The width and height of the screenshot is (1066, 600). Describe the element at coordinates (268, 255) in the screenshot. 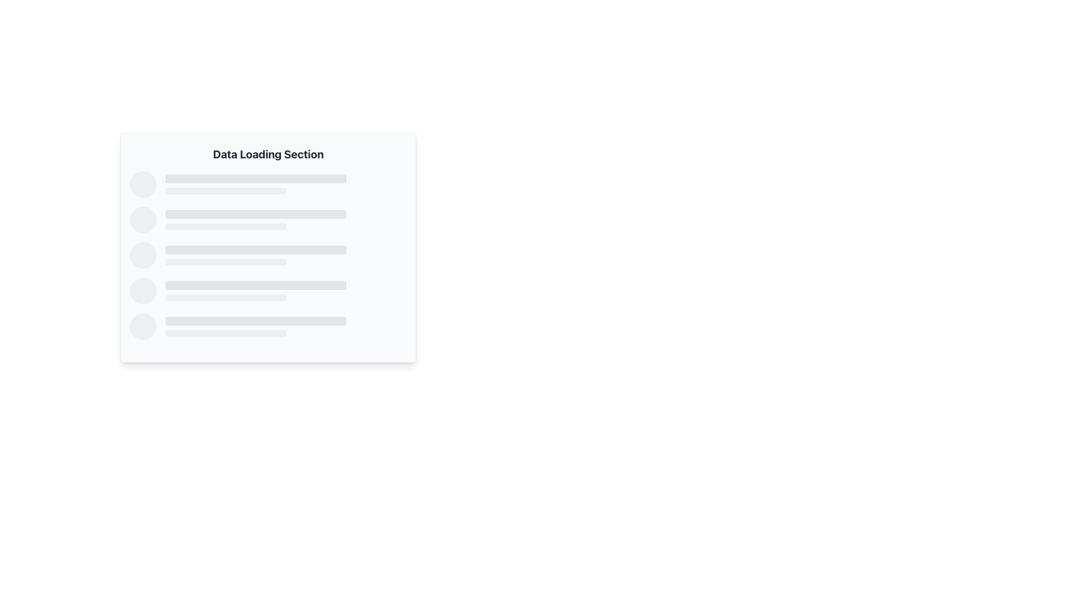

I see `the third item in the list of placeholder entries in the 'Data Loading Section' area, which is currently in a loading state` at that location.